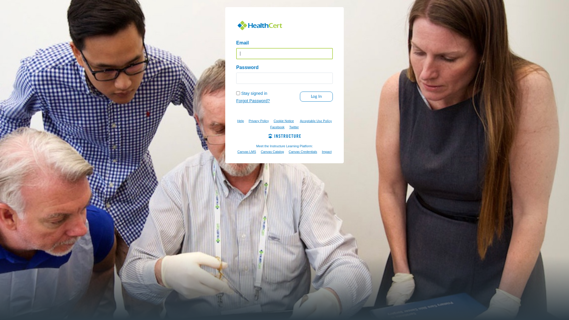  Describe the element at coordinates (316, 96) in the screenshot. I see `'Log In'` at that location.